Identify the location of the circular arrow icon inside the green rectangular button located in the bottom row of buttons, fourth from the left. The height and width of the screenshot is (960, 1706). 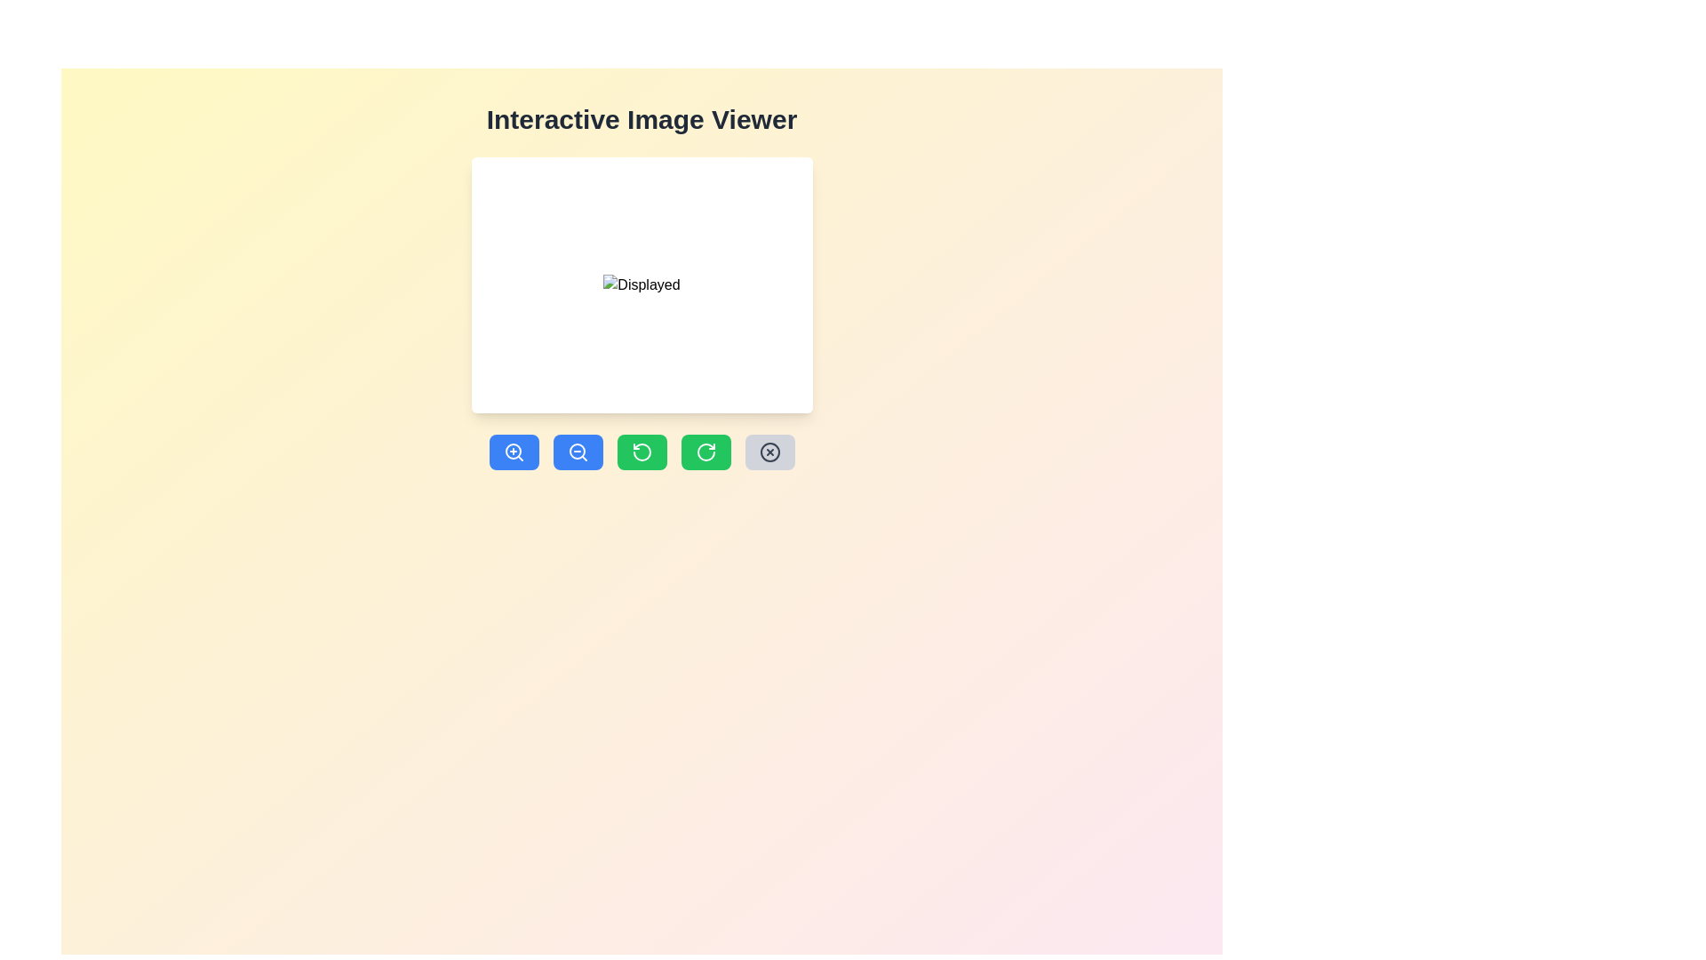
(705, 452).